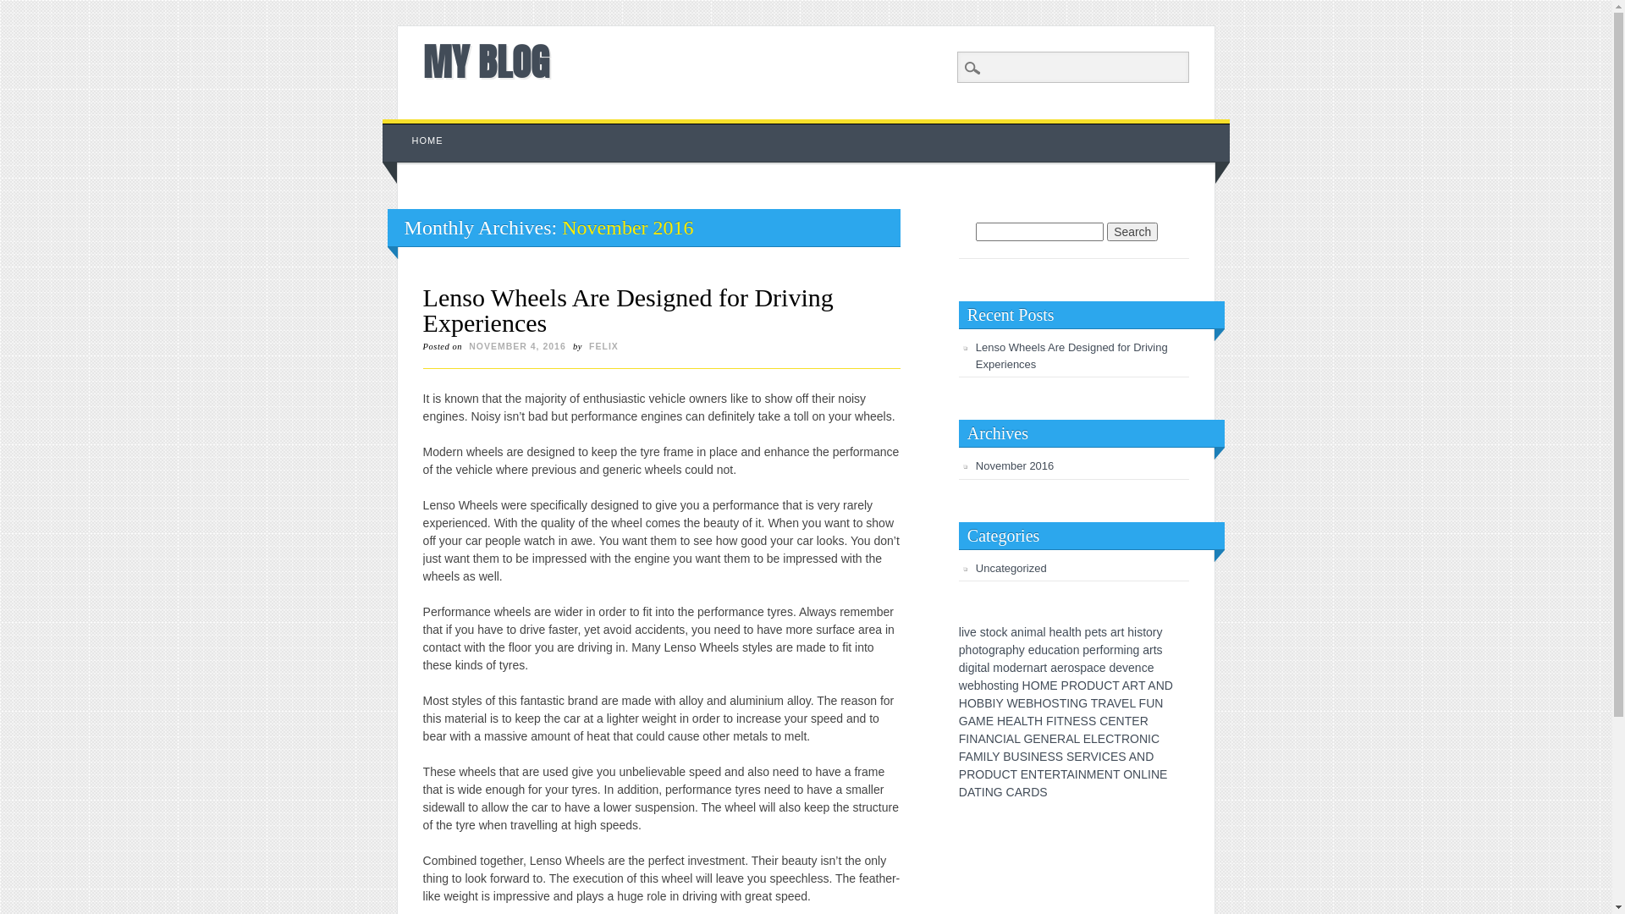 This screenshot has width=1625, height=914. I want to click on 'R', so click(1101, 702).